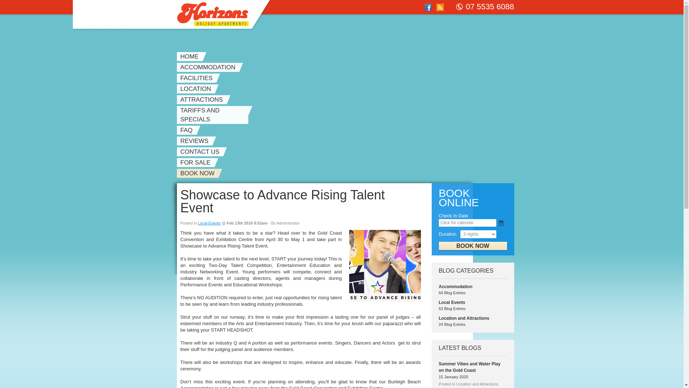 This screenshot has width=689, height=388. Describe the element at coordinates (191, 56) in the screenshot. I see `'HOME'` at that location.